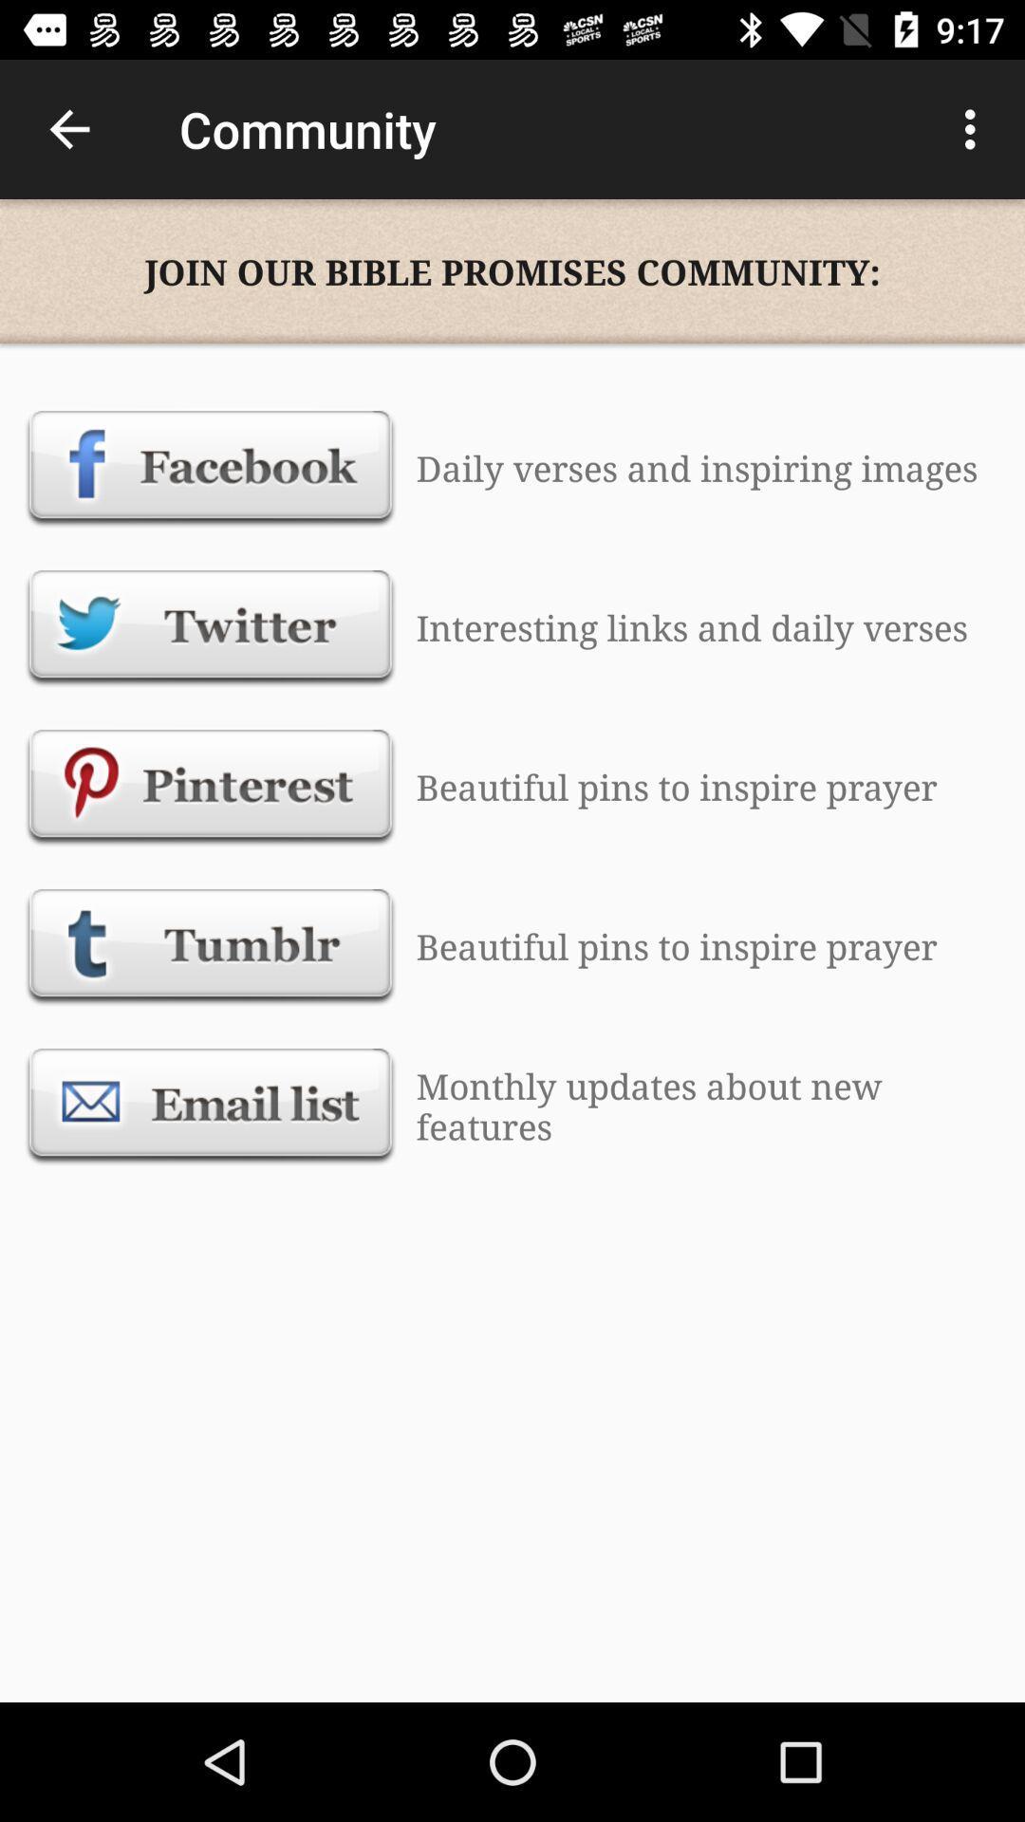 The image size is (1025, 1822). Describe the element at coordinates (68, 128) in the screenshot. I see `the icon next to the community icon` at that location.